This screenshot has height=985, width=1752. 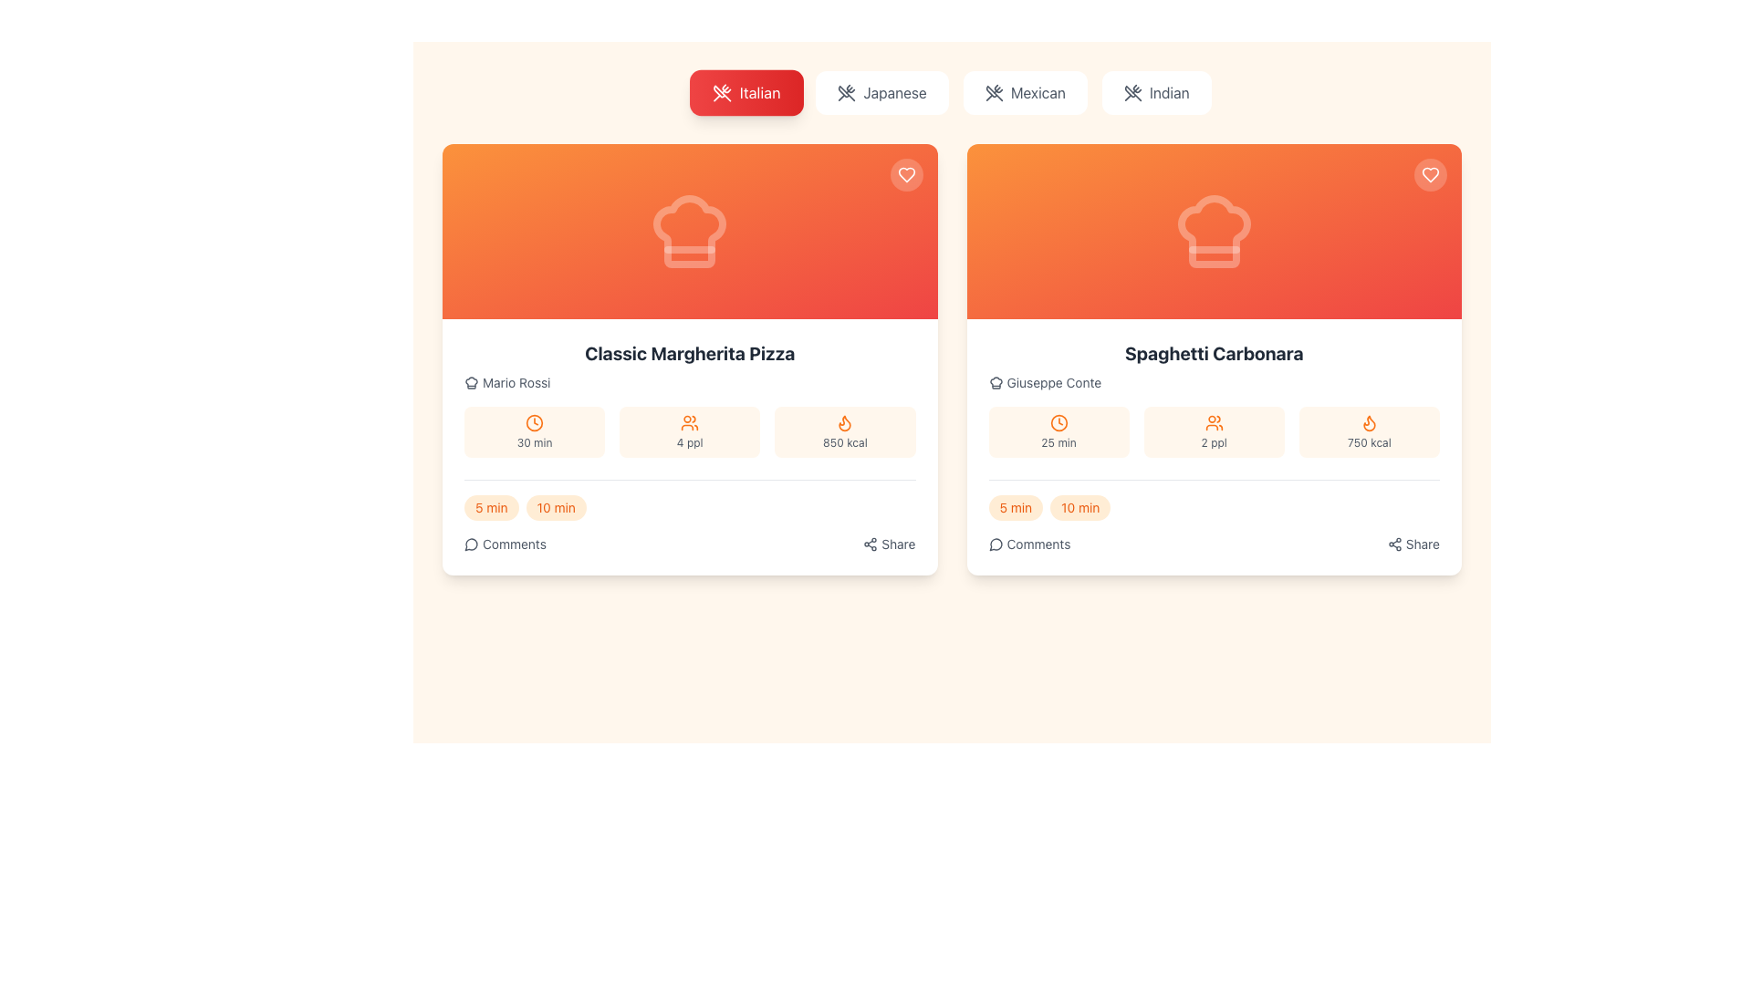 I want to click on circular stroke within the SVG icon of the clock located in the second recipe card titled 'Spaghetti Carbonara', which is associated with the preparation time text ('25 min'), so click(x=1058, y=422).